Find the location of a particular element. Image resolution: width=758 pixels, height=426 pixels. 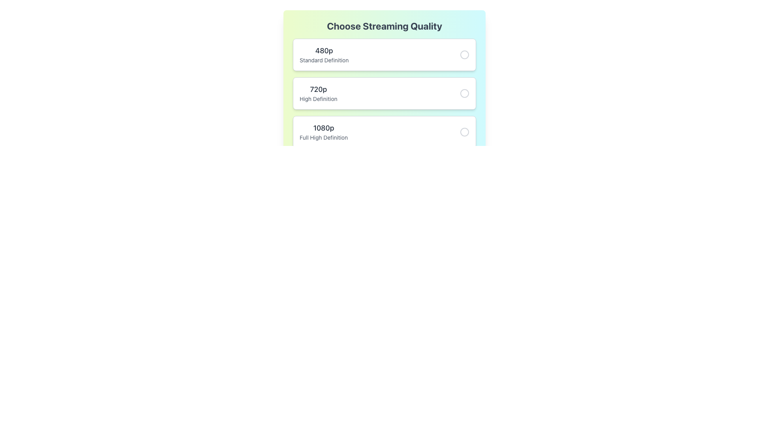

the '720p High Definition' text display element, which is the second option in the streaming quality selection menu, located between '480p Standard Definition' and '1080p Full High Definition' is located at coordinates (318, 93).